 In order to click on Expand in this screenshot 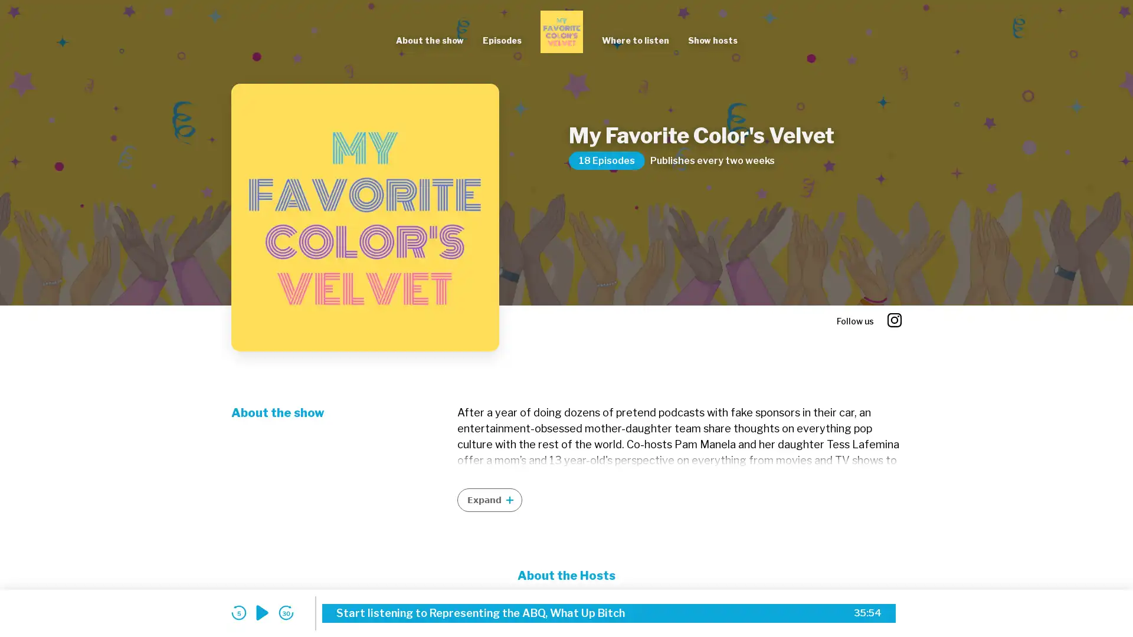, I will do `click(490, 500)`.